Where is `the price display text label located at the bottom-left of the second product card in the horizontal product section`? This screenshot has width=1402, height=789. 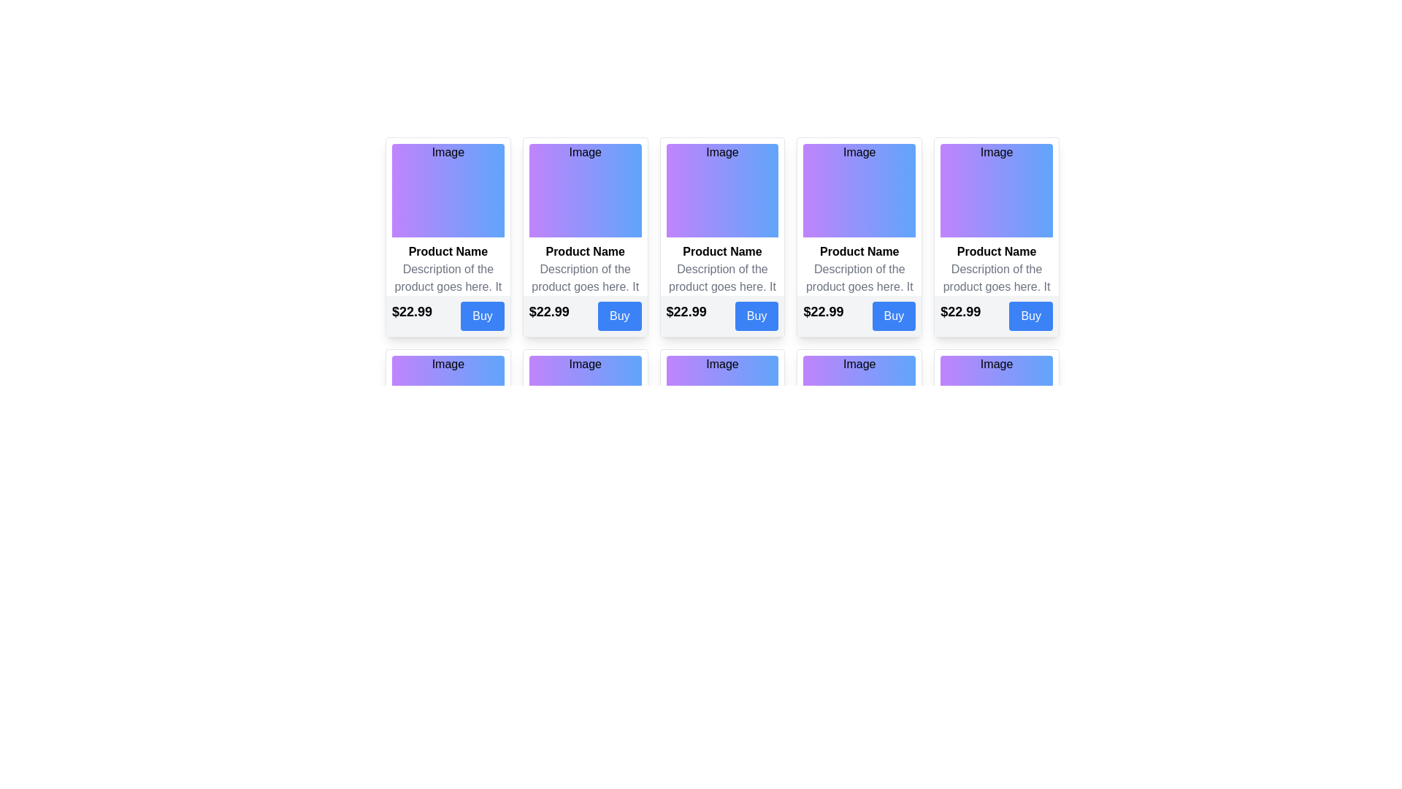 the price display text label located at the bottom-left of the second product card in the horizontal product section is located at coordinates (548, 315).